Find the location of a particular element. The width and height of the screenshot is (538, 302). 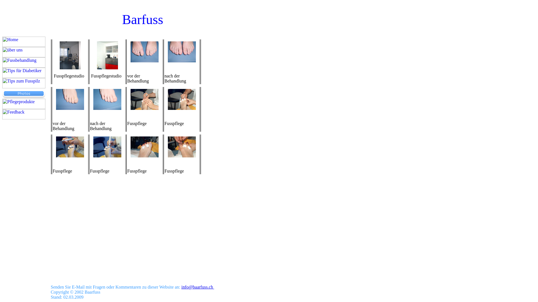

'info@baarfuss.ch ' is located at coordinates (198, 287).